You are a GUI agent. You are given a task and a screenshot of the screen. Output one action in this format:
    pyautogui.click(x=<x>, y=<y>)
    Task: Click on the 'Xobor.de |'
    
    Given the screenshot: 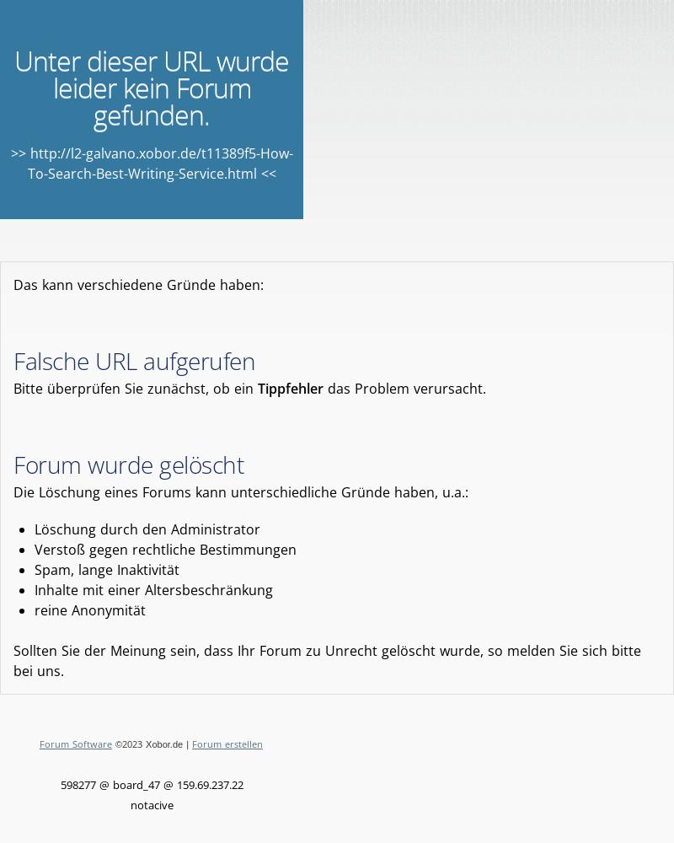 What is the action you would take?
    pyautogui.click(x=166, y=744)
    